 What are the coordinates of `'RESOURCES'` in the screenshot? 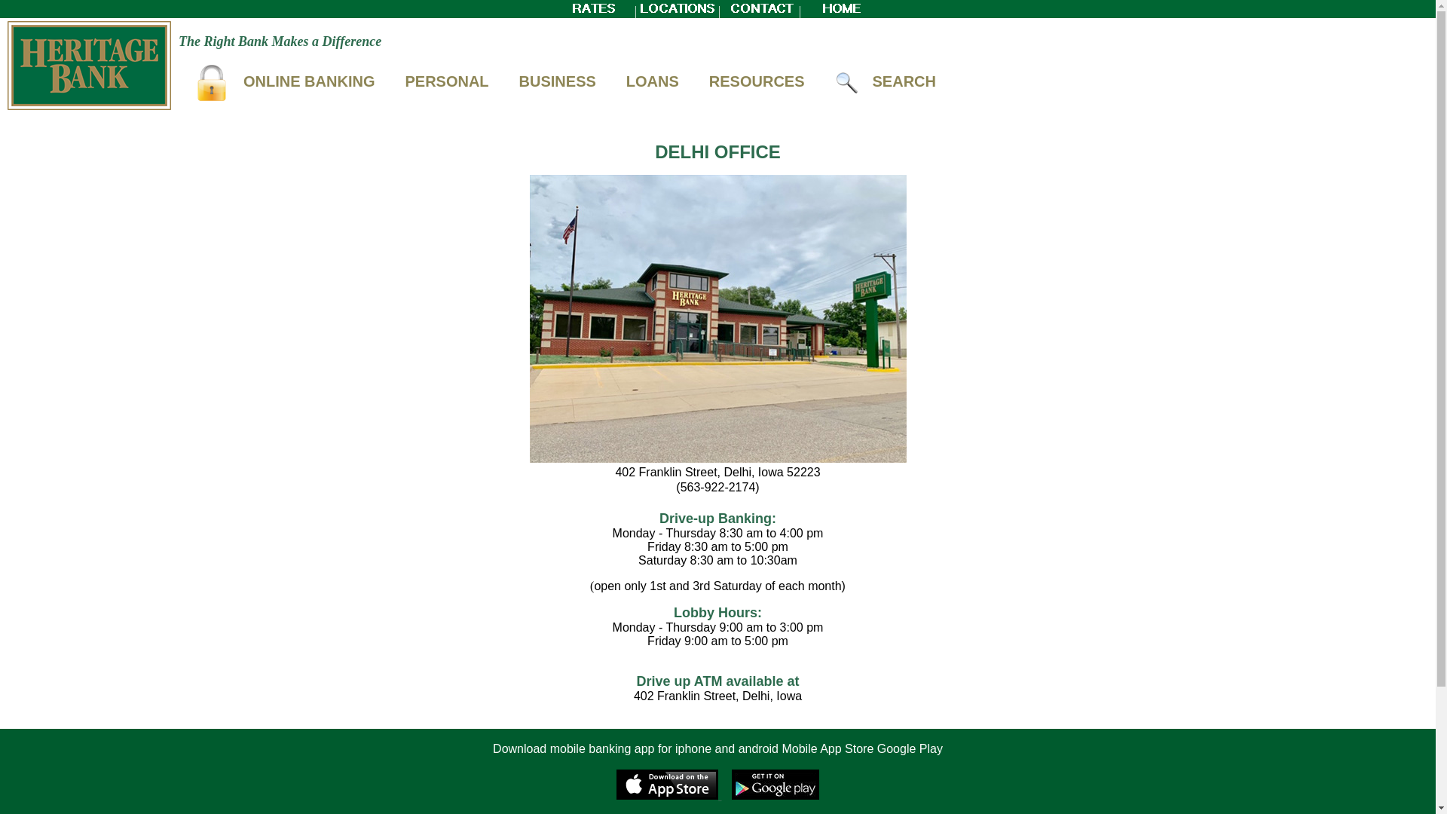 It's located at (757, 81).